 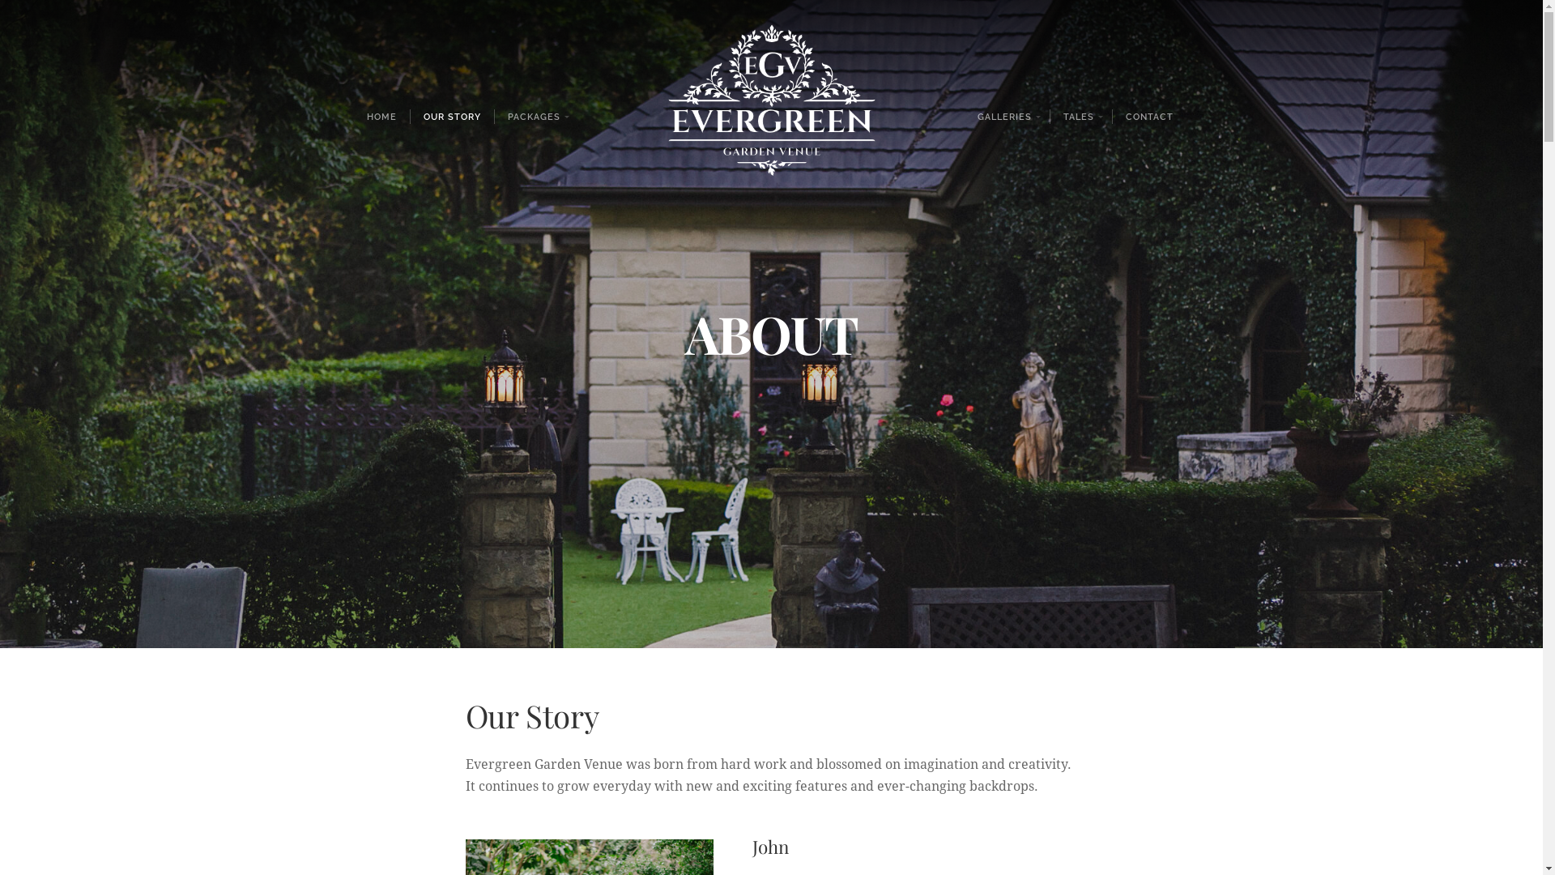 I want to click on 'CONTACT', so click(x=1148, y=115).